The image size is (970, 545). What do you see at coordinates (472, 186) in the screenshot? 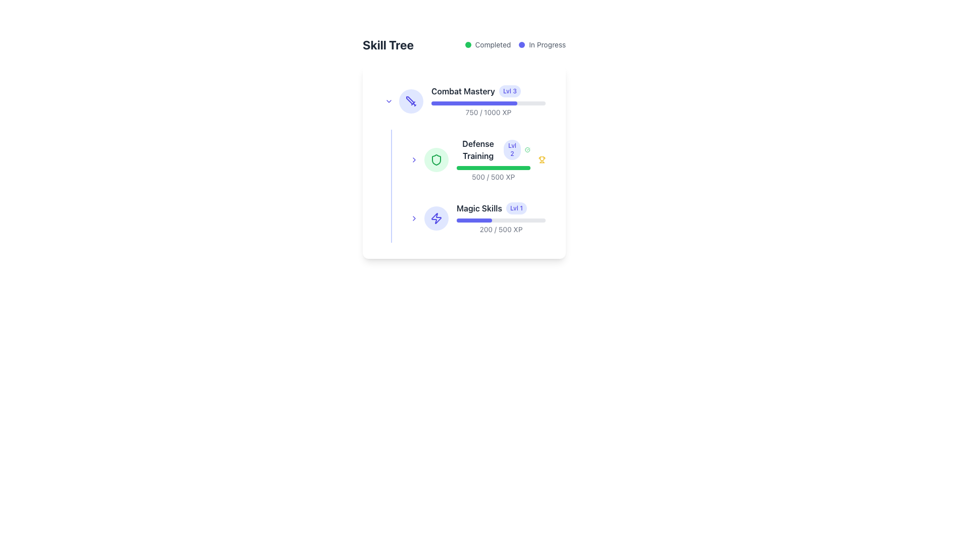
I see `the 'Defense Training' skill progress card, which is the second item in the skill tree` at bounding box center [472, 186].